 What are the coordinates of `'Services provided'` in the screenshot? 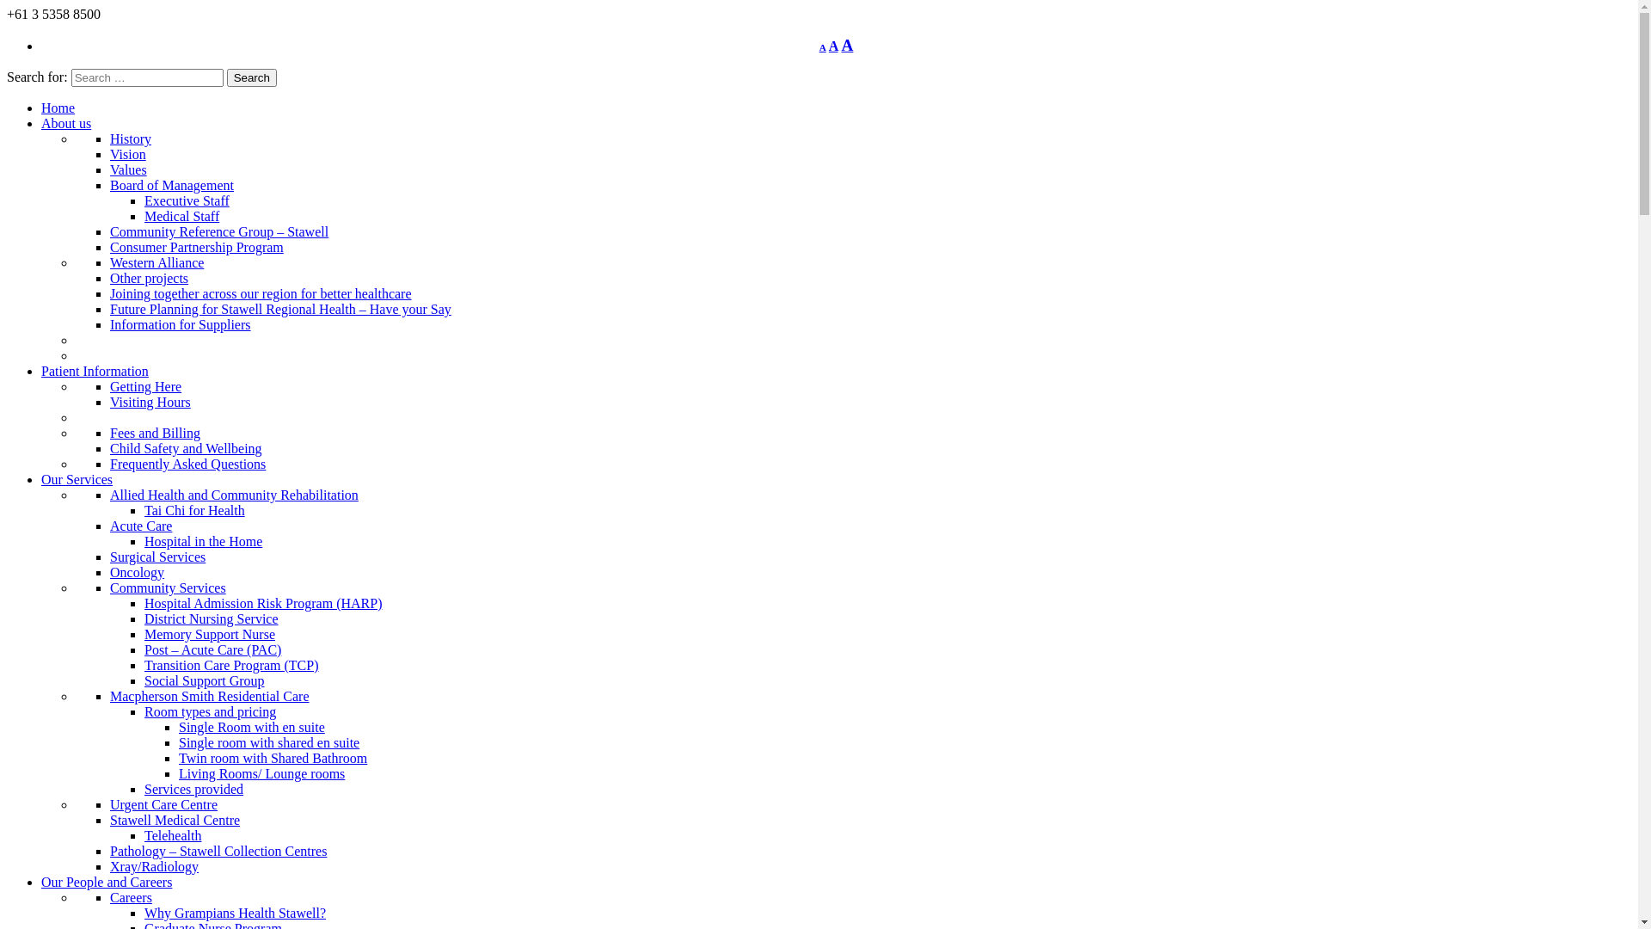 It's located at (193, 789).